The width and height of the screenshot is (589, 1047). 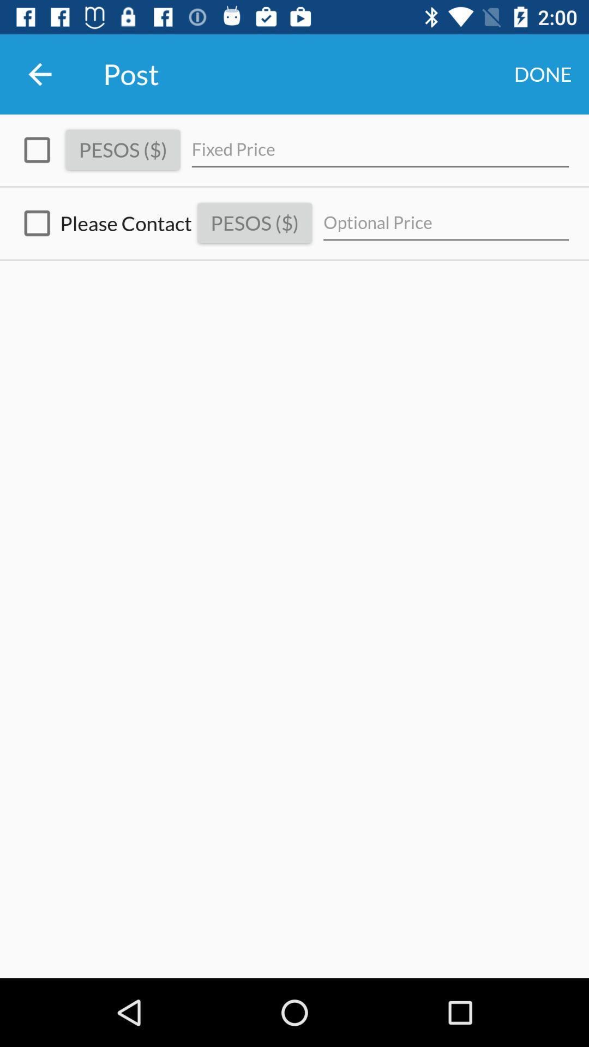 What do you see at coordinates (380, 149) in the screenshot?
I see `icon below the done` at bounding box center [380, 149].